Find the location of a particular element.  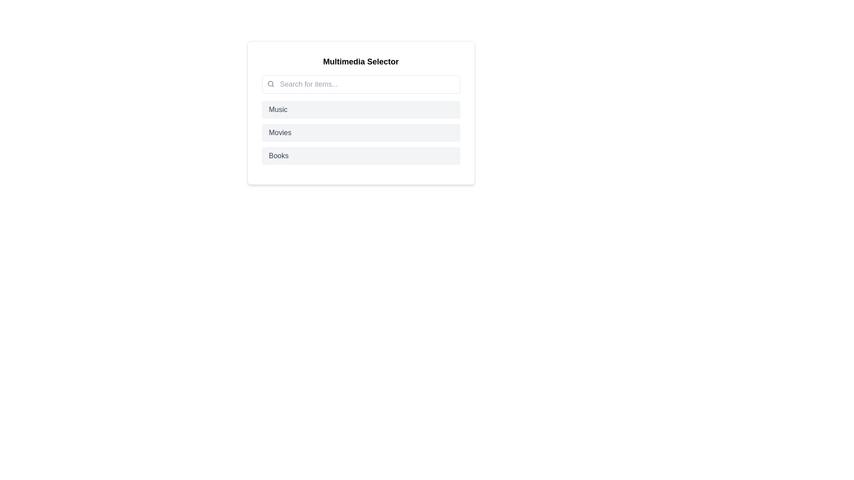

the 'Movies' selection button, which is the second option in a vertically stacked list of three options ('Music', 'Movies', 'Books') is located at coordinates (361, 133).